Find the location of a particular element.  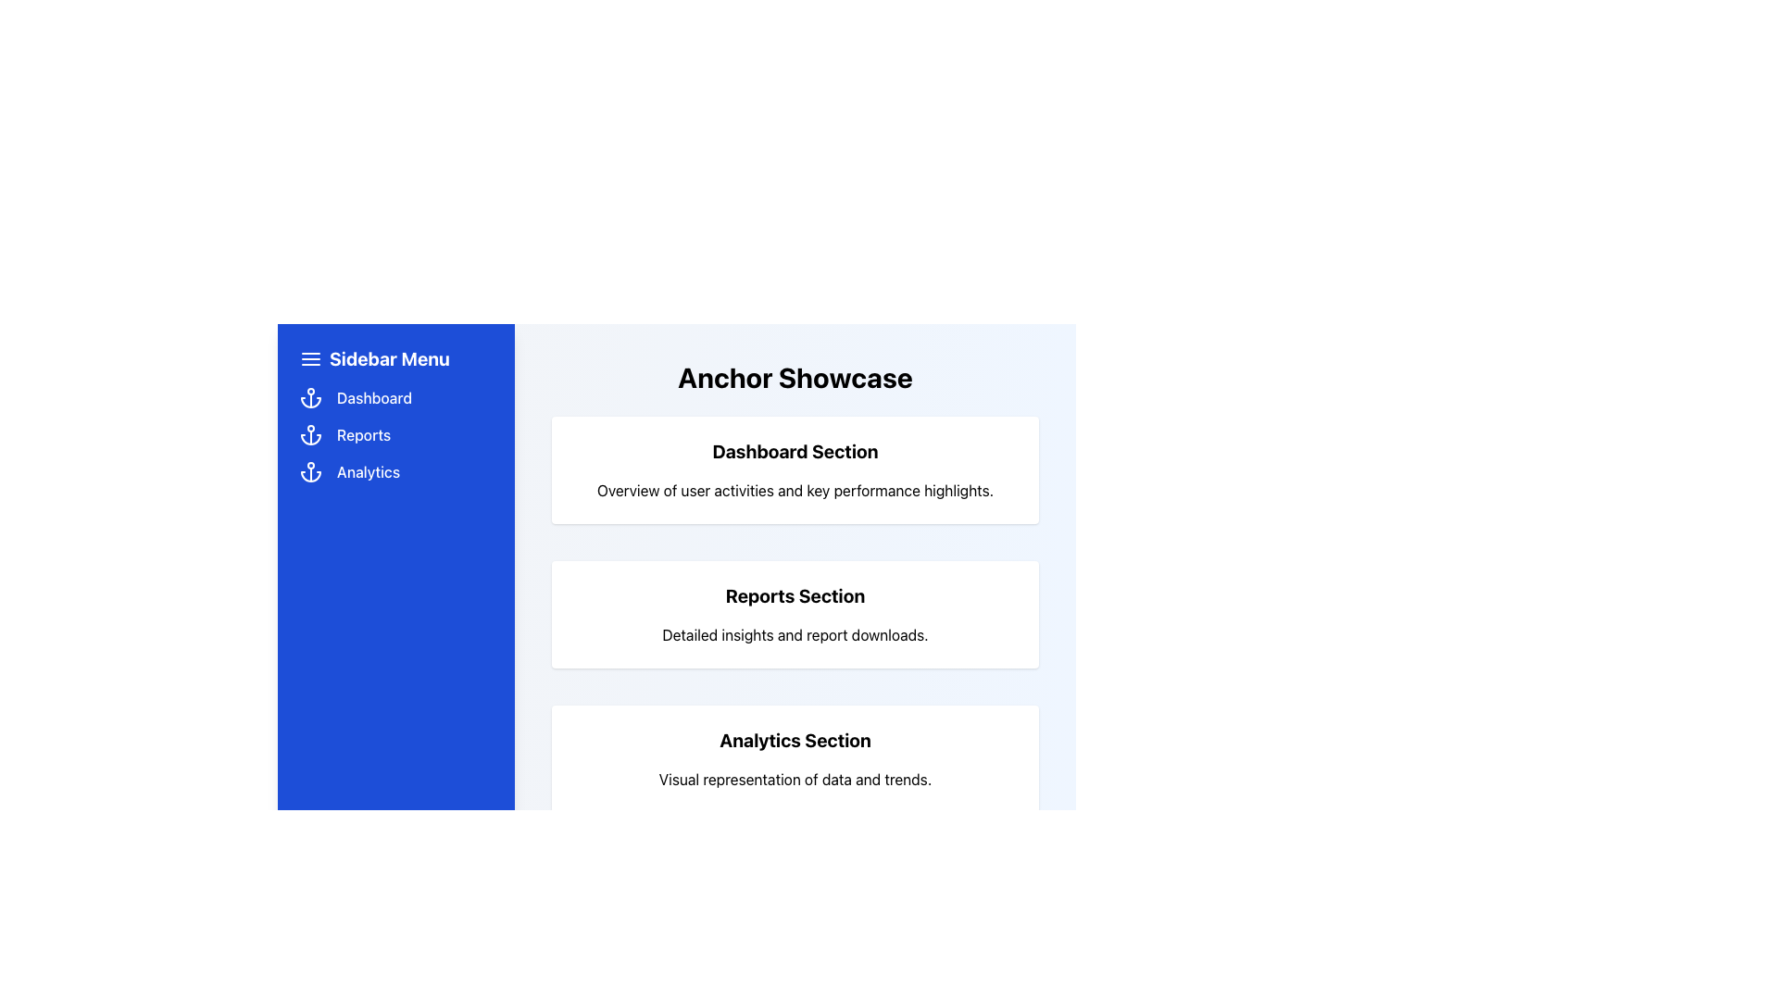

the first navigation link on the left side of the interface is located at coordinates (394, 396).